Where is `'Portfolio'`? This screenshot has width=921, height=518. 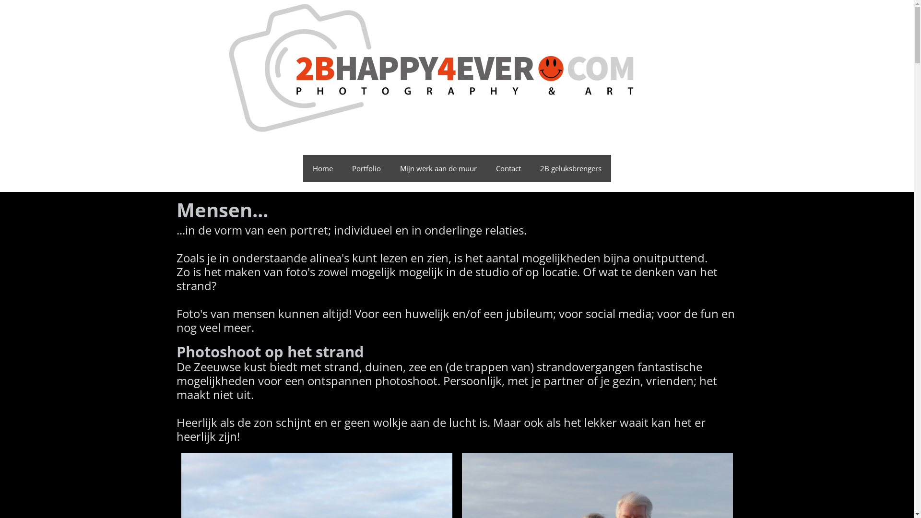 'Portfolio' is located at coordinates (342, 168).